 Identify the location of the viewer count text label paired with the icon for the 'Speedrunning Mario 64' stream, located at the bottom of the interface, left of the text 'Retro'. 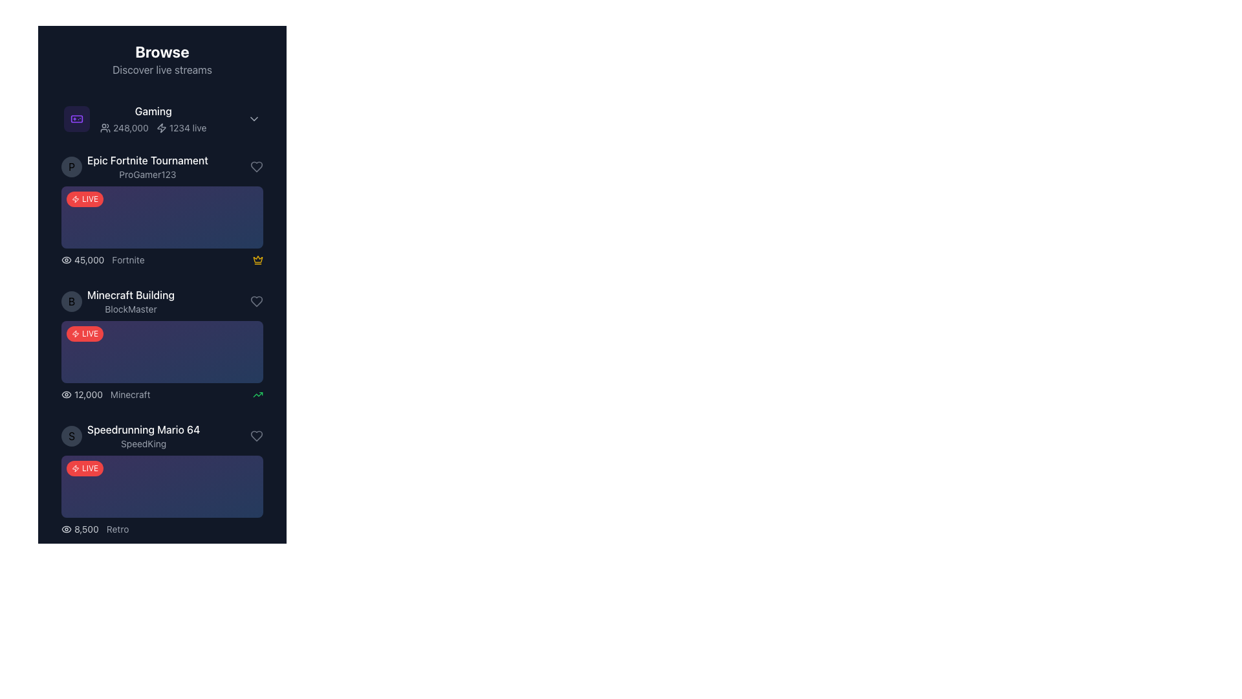
(79, 529).